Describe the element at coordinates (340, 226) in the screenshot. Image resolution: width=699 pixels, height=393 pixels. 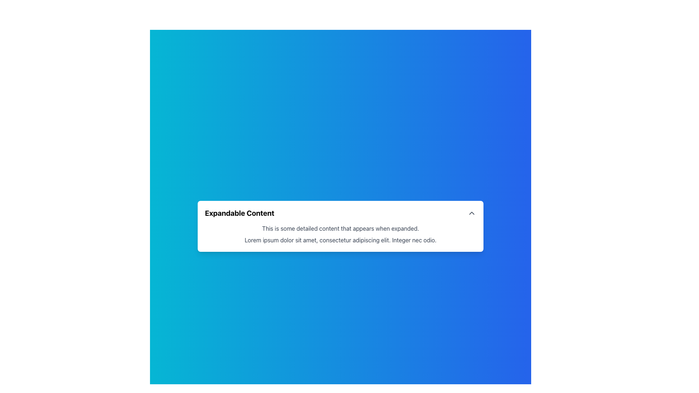
I see `the Collapsible card, which is a rectangular, white card with a title in bold and a caret icon on the right side` at that location.